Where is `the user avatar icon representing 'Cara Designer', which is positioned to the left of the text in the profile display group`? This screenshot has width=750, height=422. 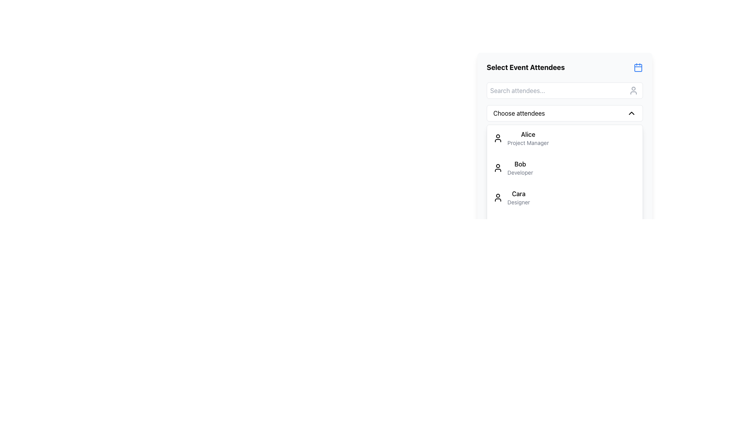 the user avatar icon representing 'Cara Designer', which is positioned to the left of the text in the profile display group is located at coordinates (498, 197).